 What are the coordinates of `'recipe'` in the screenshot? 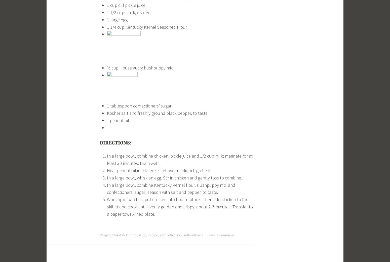 It's located at (153, 235).